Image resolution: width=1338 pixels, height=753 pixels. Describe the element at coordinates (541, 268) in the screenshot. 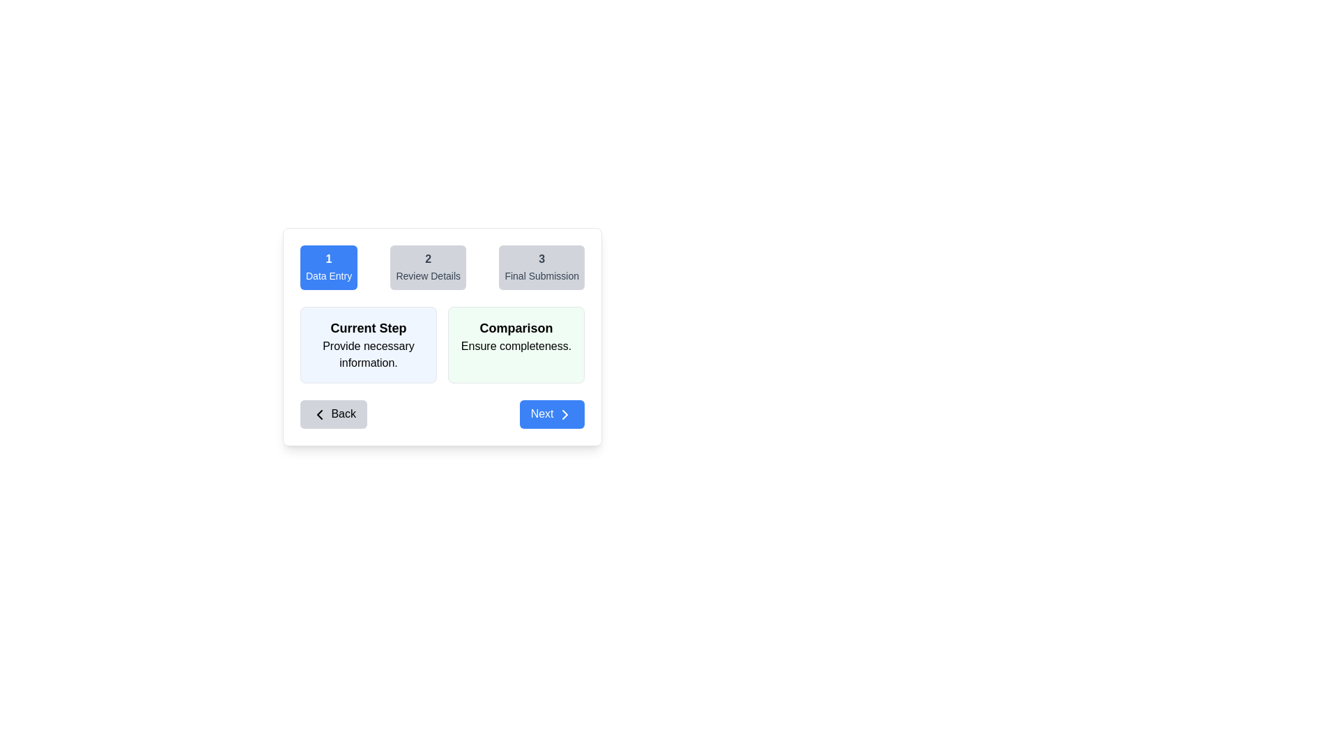

I see `the 'Final Submission' step indicator, which is the third button in a horizontal group of three buttons located in the top-right corner of the interface` at that location.